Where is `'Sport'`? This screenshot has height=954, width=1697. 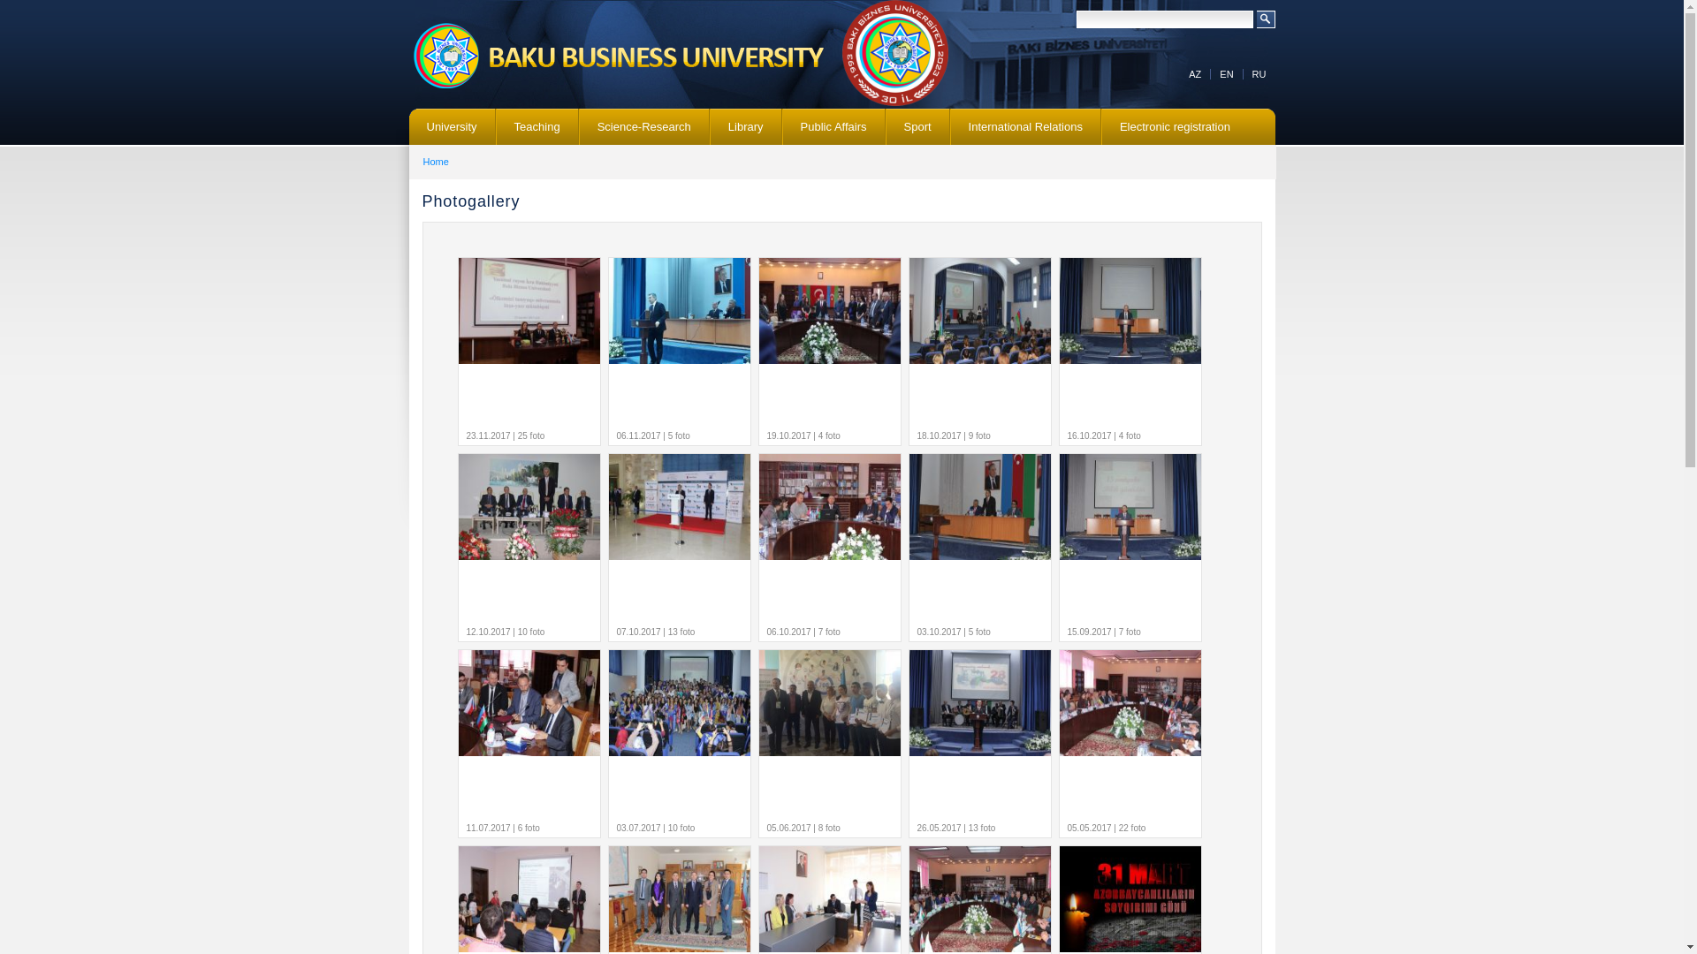 'Sport' is located at coordinates (917, 125).